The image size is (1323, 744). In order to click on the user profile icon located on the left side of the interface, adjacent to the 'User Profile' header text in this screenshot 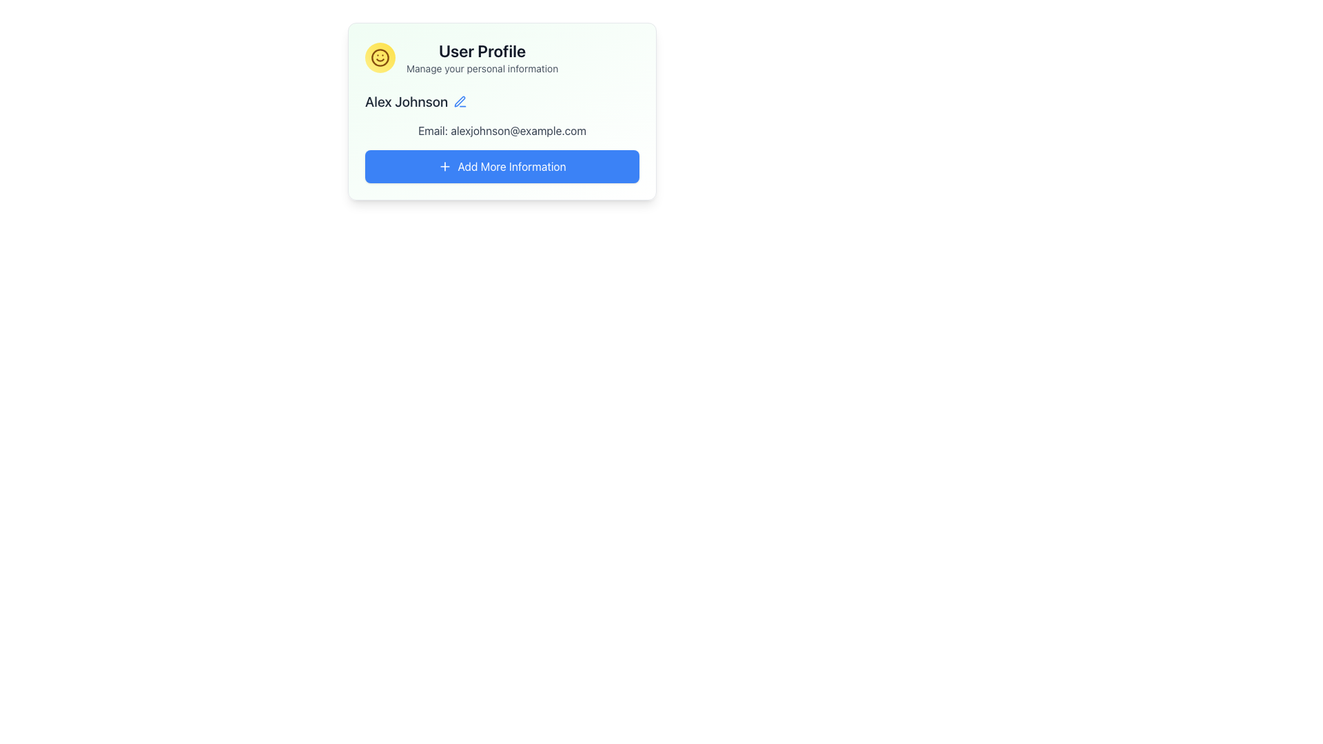, I will do `click(380, 57)`.